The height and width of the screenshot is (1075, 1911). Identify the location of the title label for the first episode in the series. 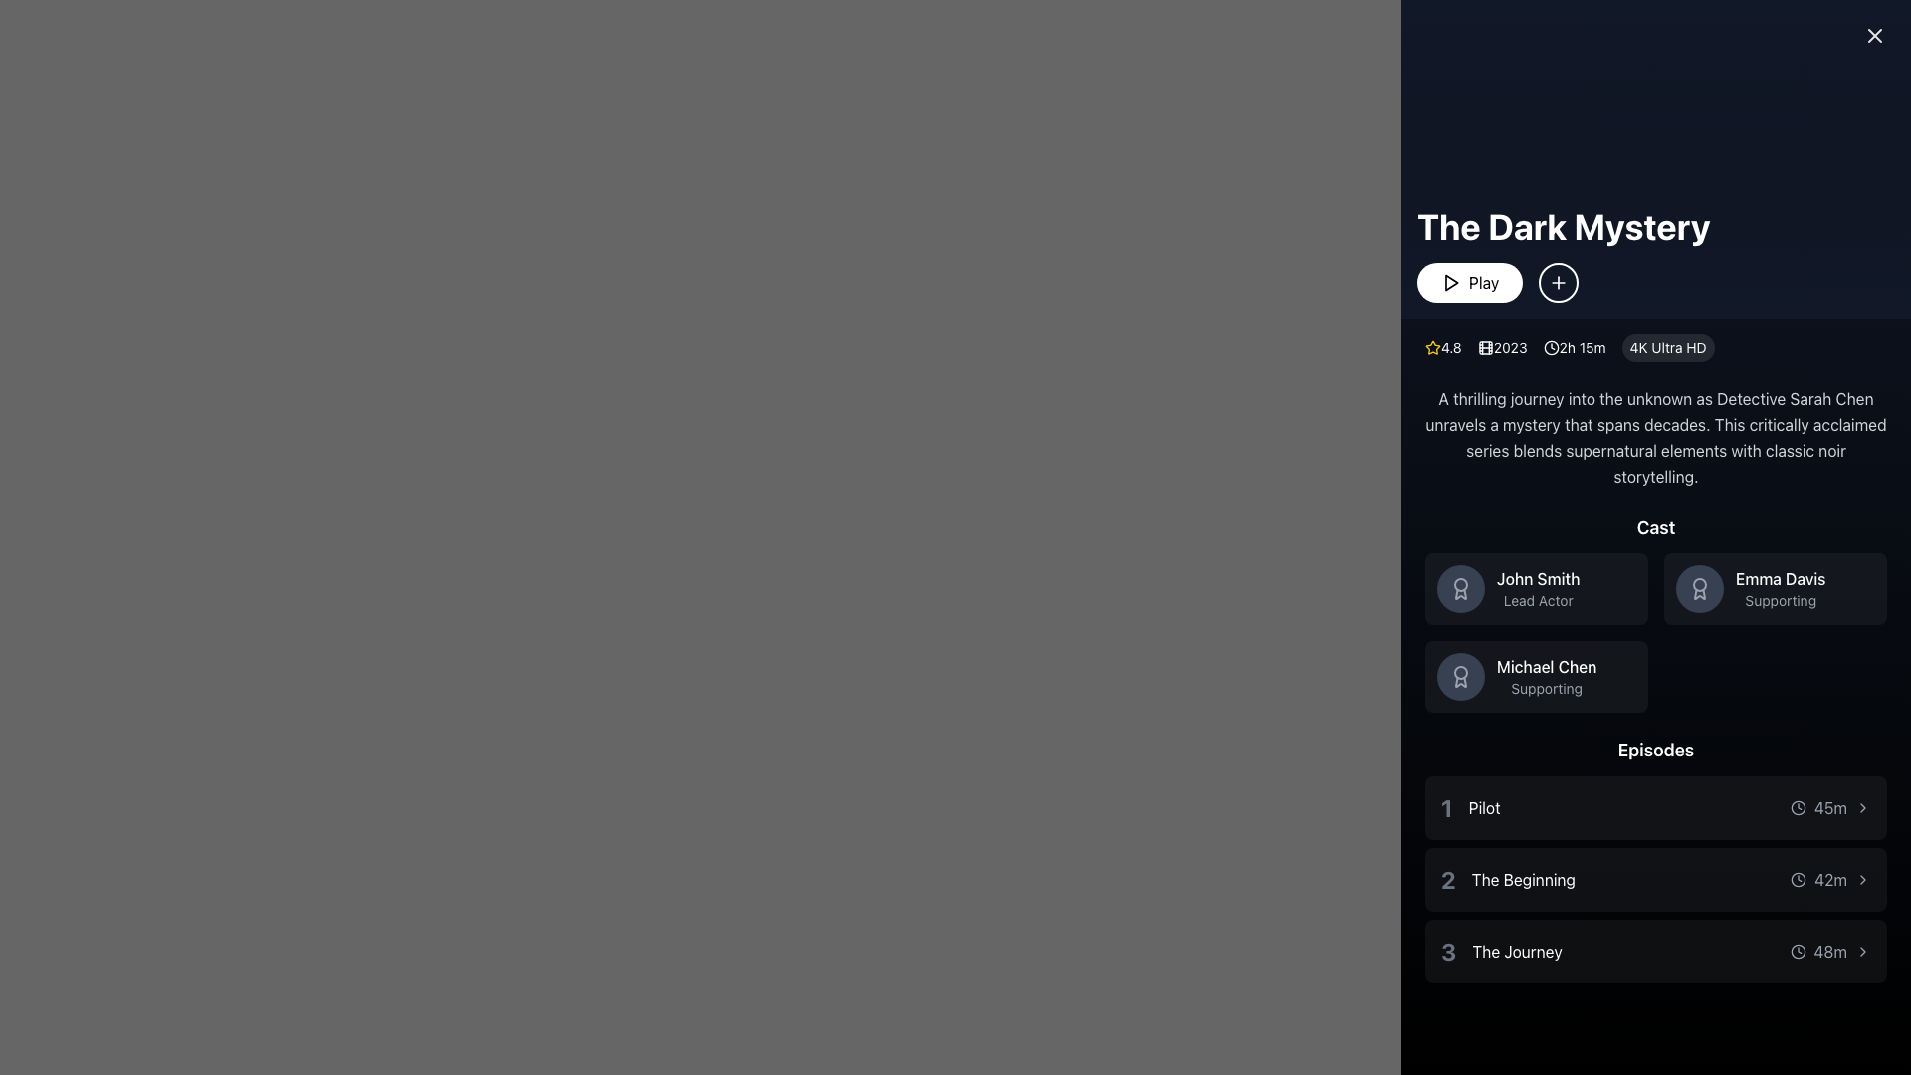
(1484, 808).